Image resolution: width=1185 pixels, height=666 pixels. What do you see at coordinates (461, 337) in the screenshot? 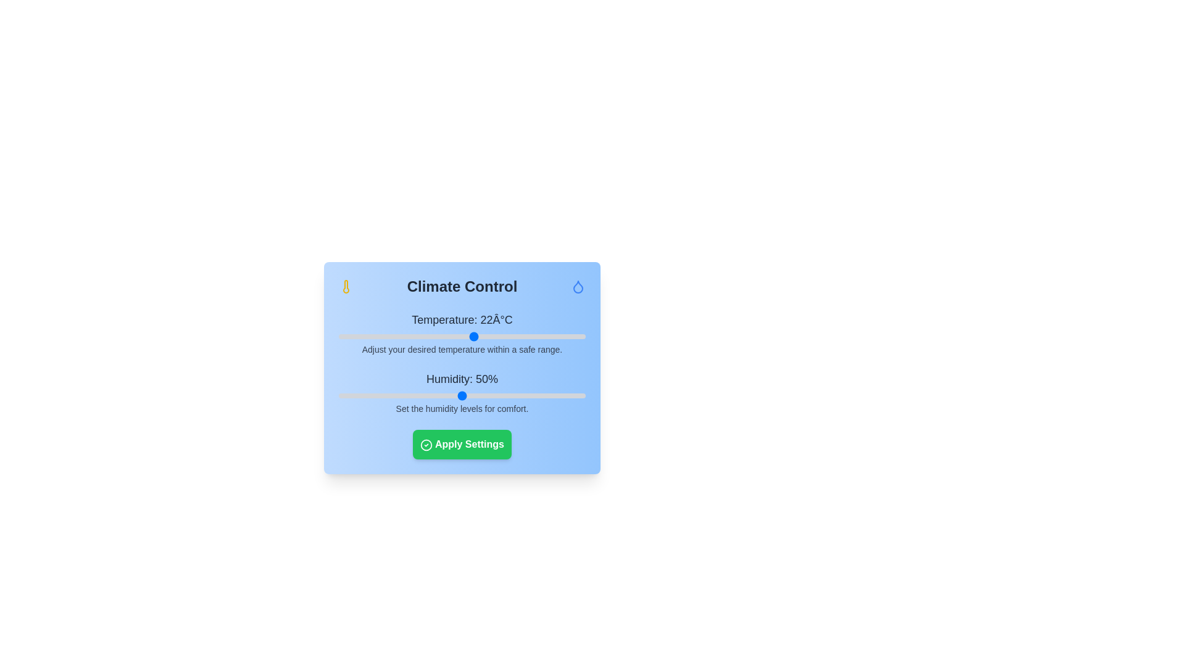
I see `the blue knob of the horizontal range slider located beneath 'Temperature: 22°C' and above 'Adjust your desired temperature within a safe range.'` at bounding box center [461, 337].